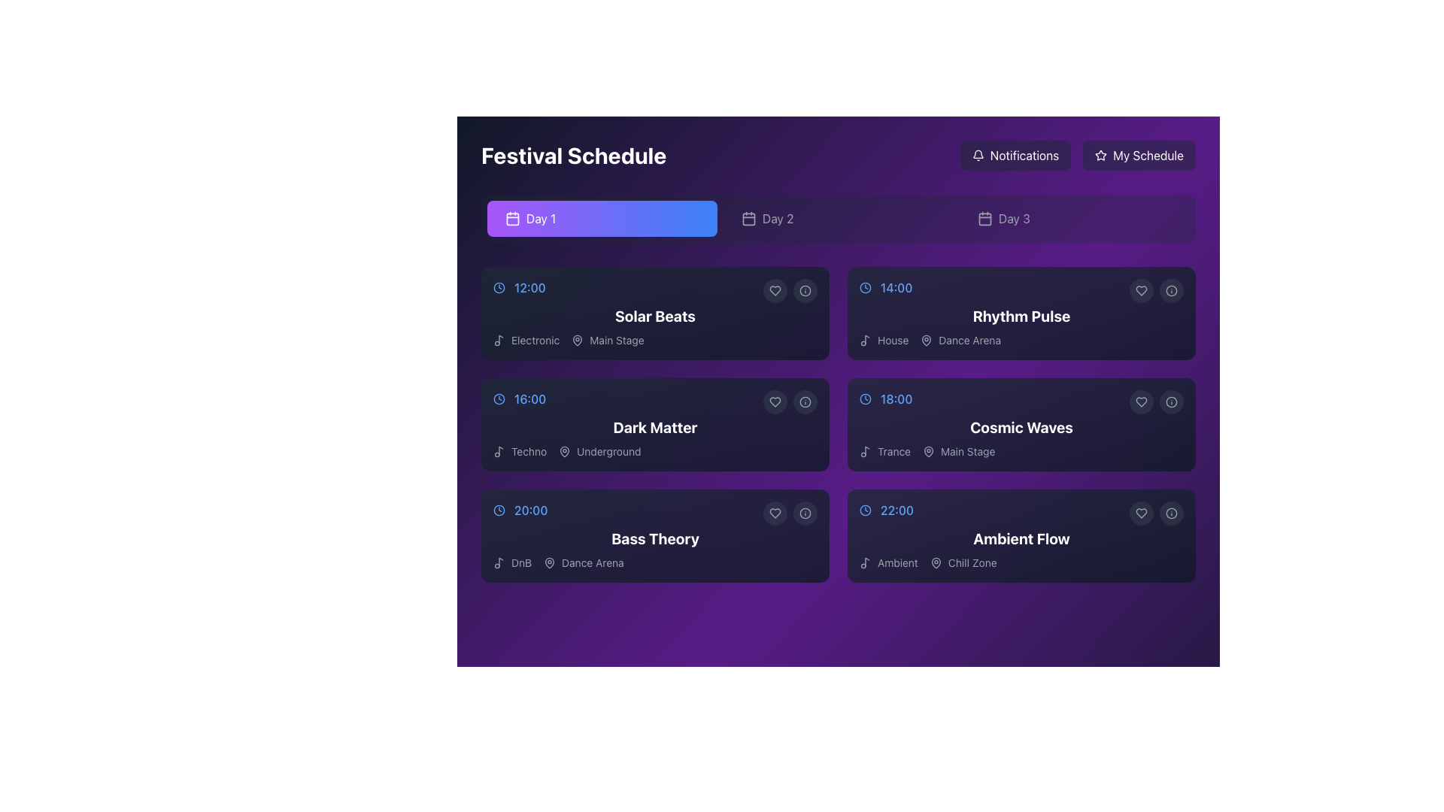  What do you see at coordinates (531, 509) in the screenshot?
I see `the text displaying the time '20:00' in blue font, located in the lower left segment of the schedule grid for the event 'Bass Theory', adjacent to a clock icon` at bounding box center [531, 509].